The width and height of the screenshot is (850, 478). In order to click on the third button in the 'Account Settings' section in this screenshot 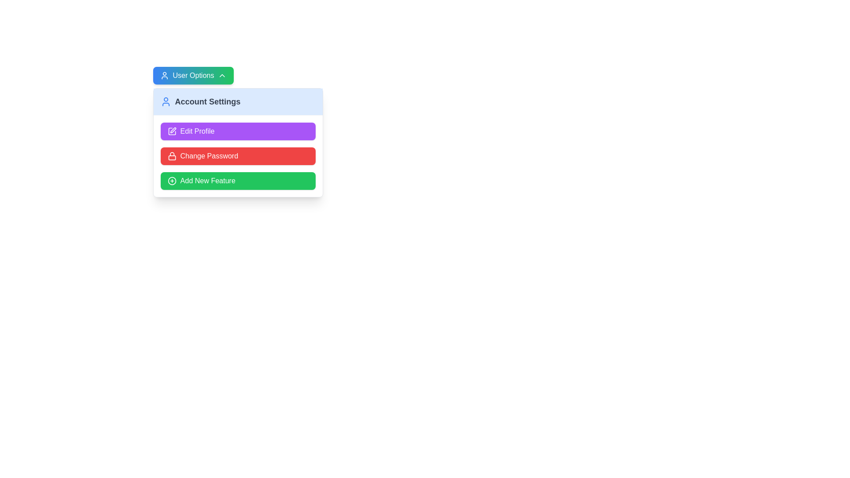, I will do `click(238, 180)`.